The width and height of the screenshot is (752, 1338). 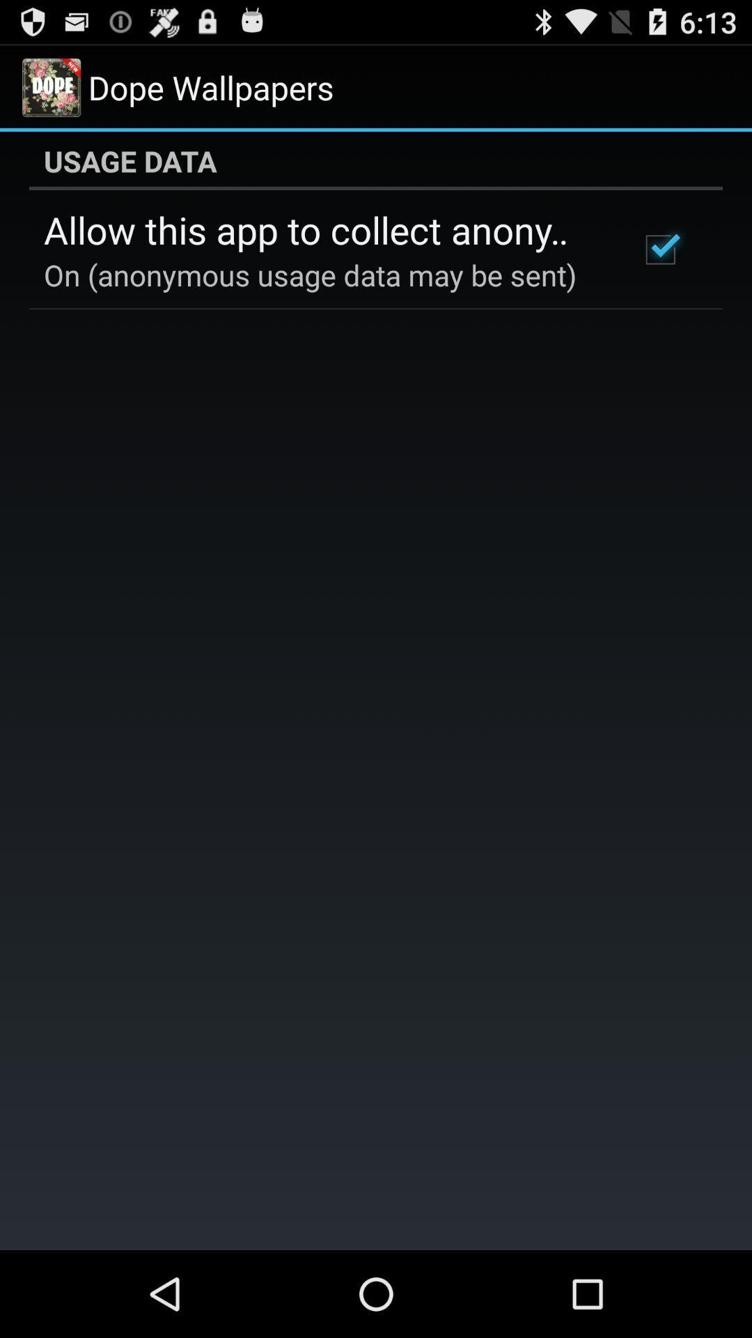 I want to click on icon below the usage data app, so click(x=659, y=249).